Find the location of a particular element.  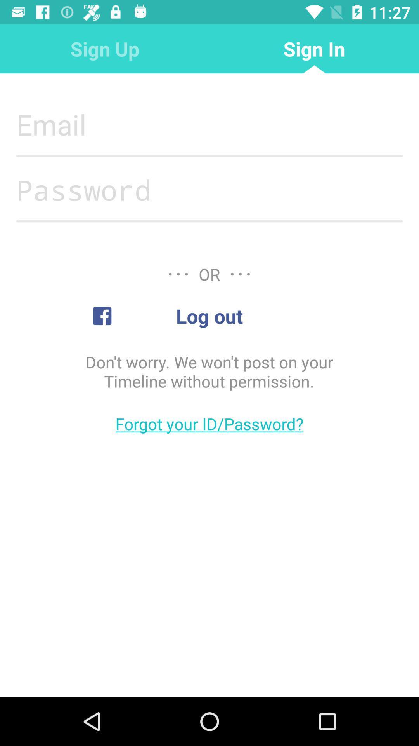

the email field below sign up is located at coordinates (209, 124).